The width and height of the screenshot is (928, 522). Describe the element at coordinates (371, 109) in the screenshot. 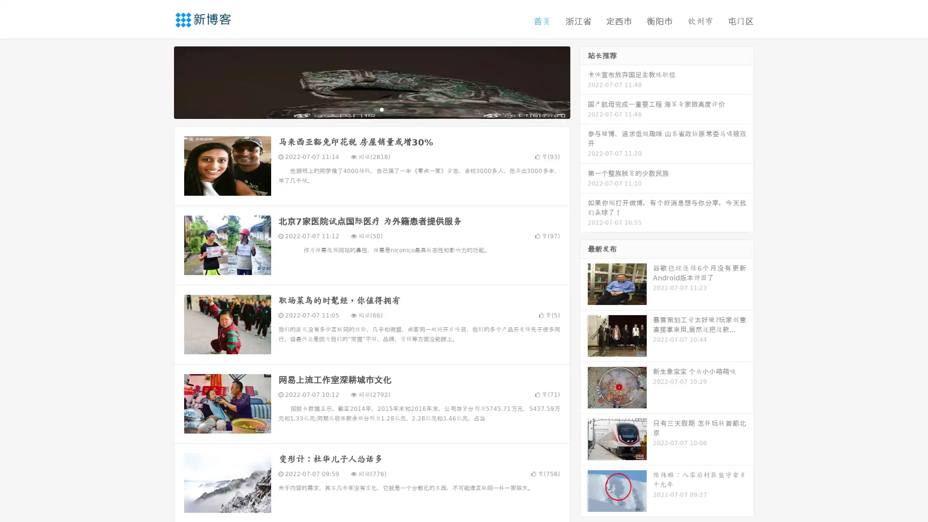

I see `Go to slide 2` at that location.